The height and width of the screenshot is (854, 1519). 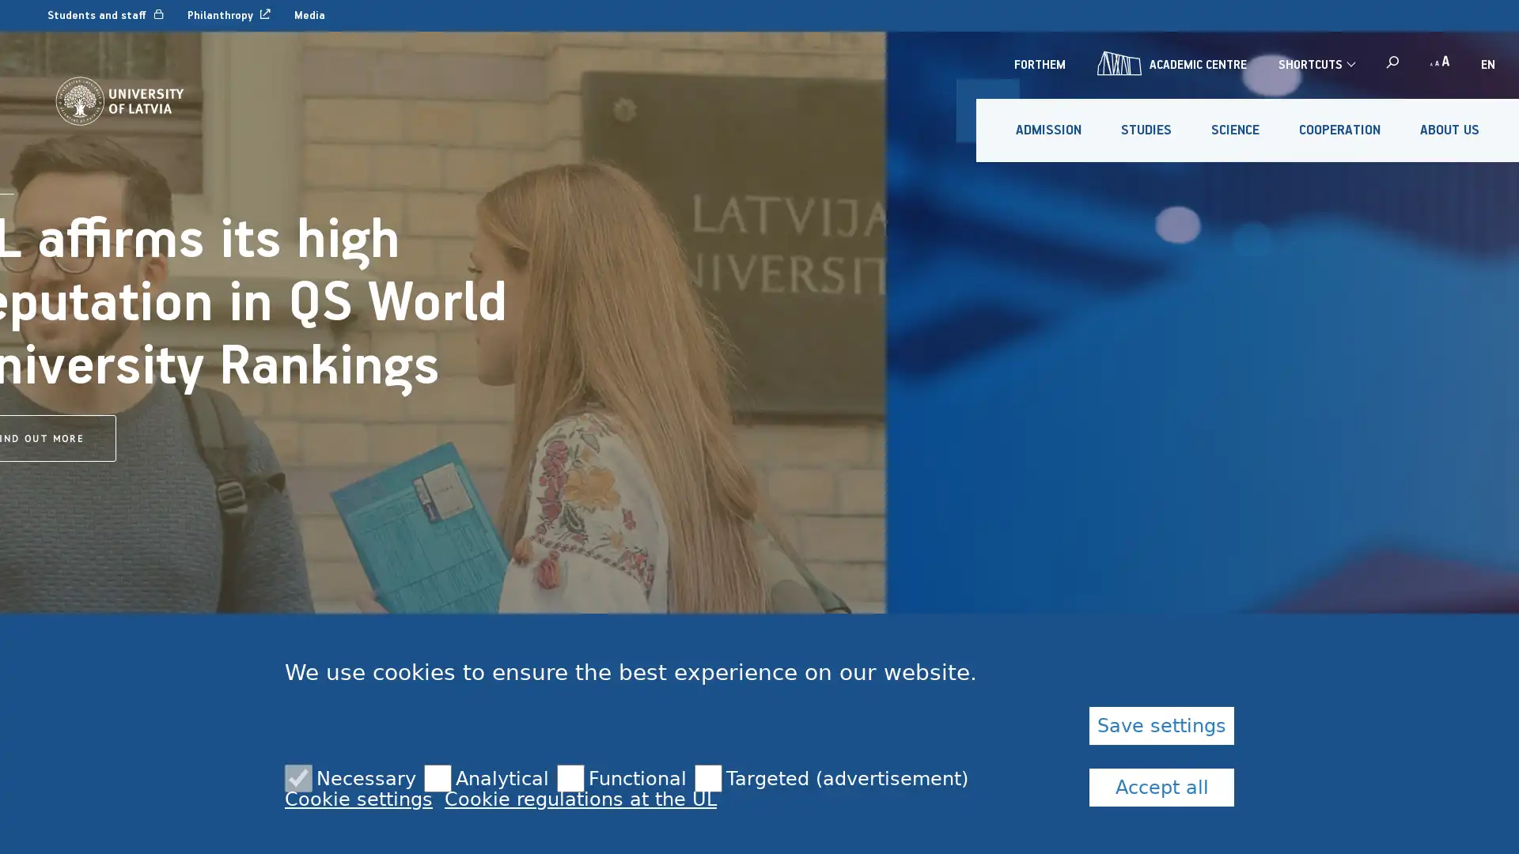 What do you see at coordinates (1316, 63) in the screenshot?
I see `SHORTCUTS` at bounding box center [1316, 63].